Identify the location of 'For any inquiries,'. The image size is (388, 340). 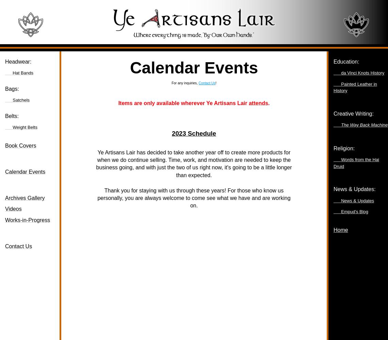
(184, 83).